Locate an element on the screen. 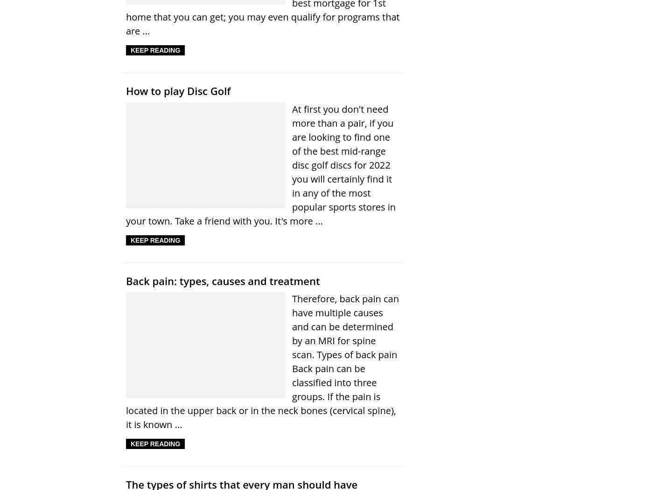 This screenshot has width=672, height=490. 'Home' is located at coordinates (268, 136).